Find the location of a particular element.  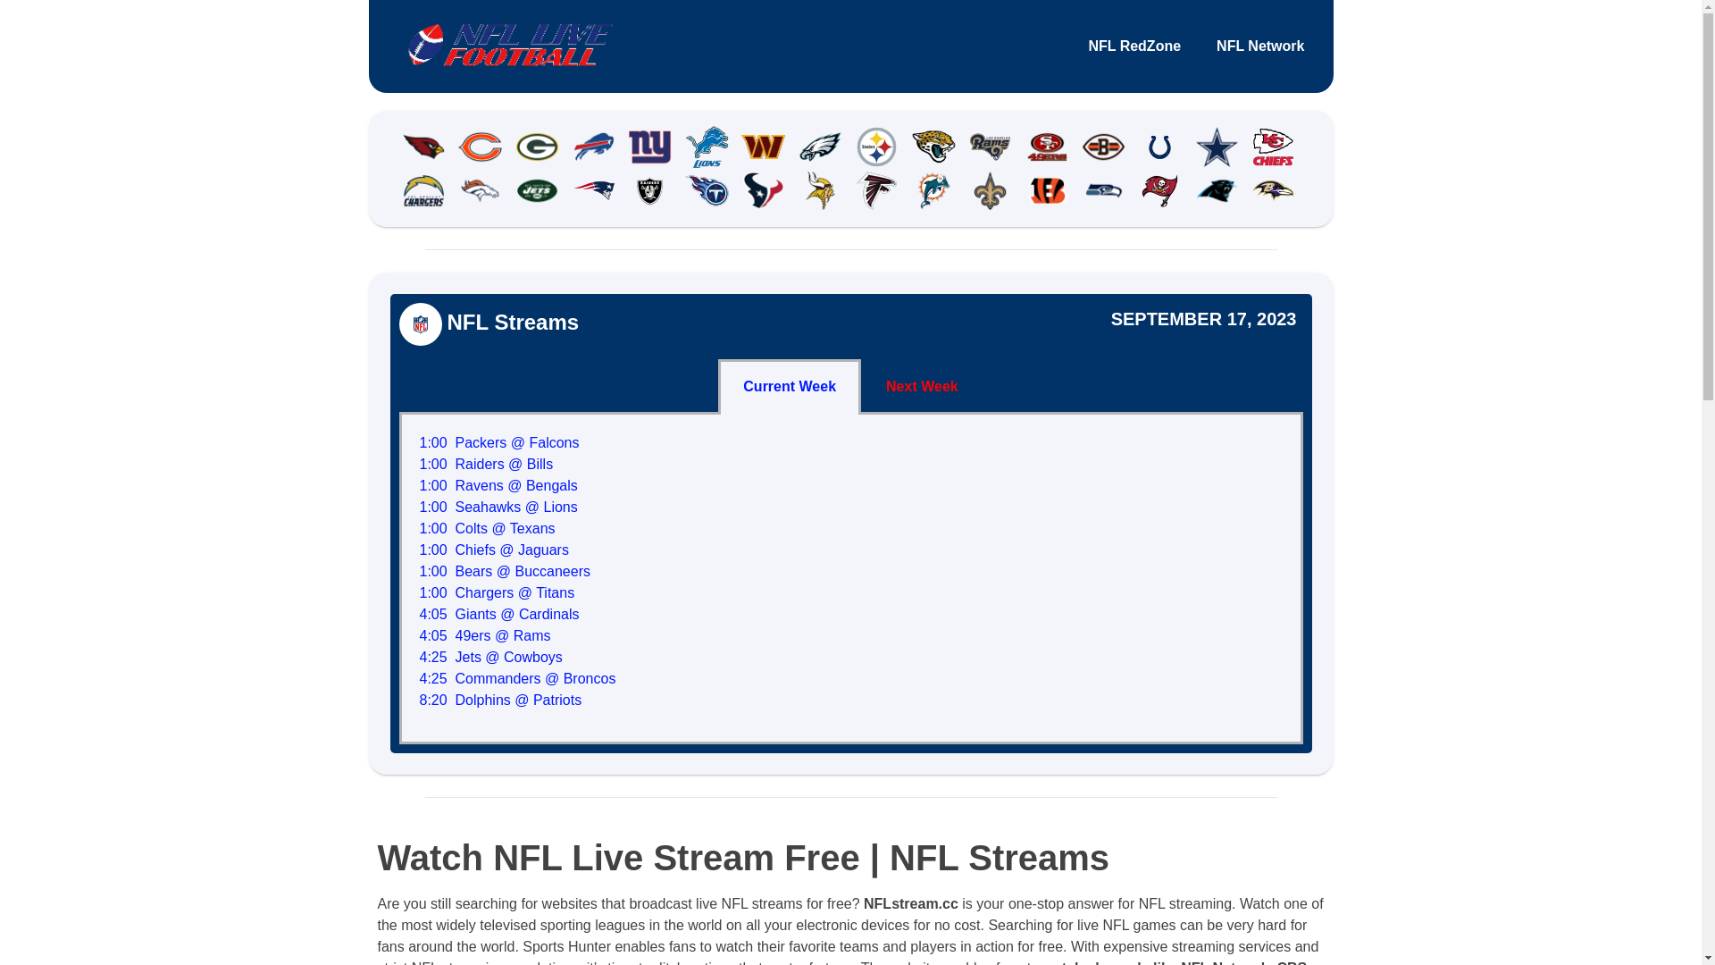

'Dolphins @ Patriots' is located at coordinates (455, 699).